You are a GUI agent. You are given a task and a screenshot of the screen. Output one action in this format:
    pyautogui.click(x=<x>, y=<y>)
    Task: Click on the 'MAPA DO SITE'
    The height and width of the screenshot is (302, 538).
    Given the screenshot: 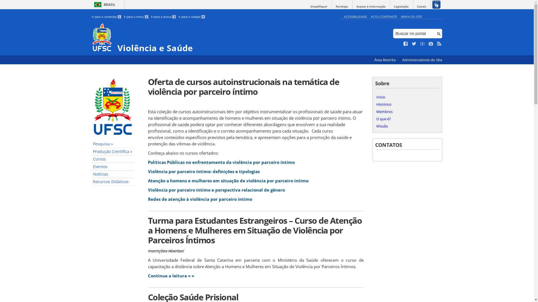 What is the action you would take?
    pyautogui.click(x=411, y=16)
    